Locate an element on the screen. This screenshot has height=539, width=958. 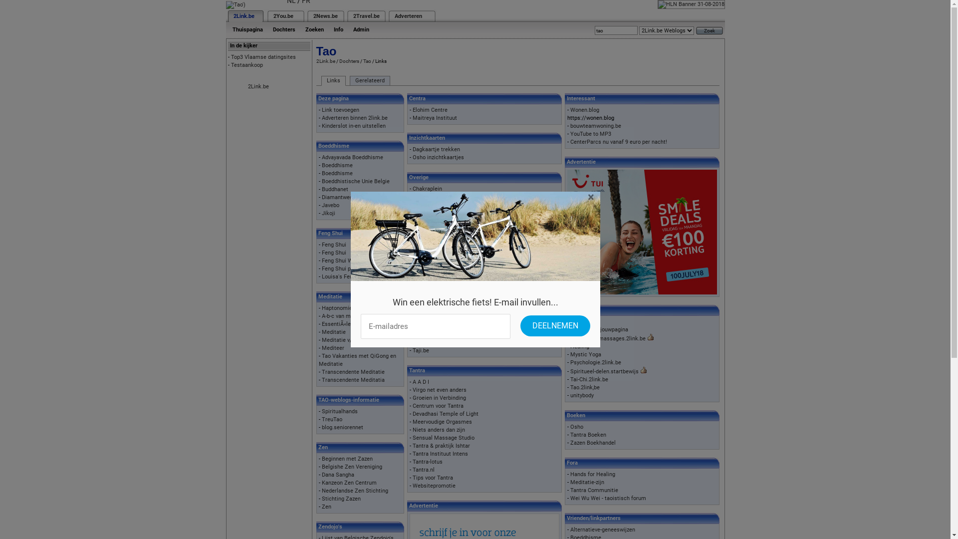
'Tai Chi School' is located at coordinates (430, 326).